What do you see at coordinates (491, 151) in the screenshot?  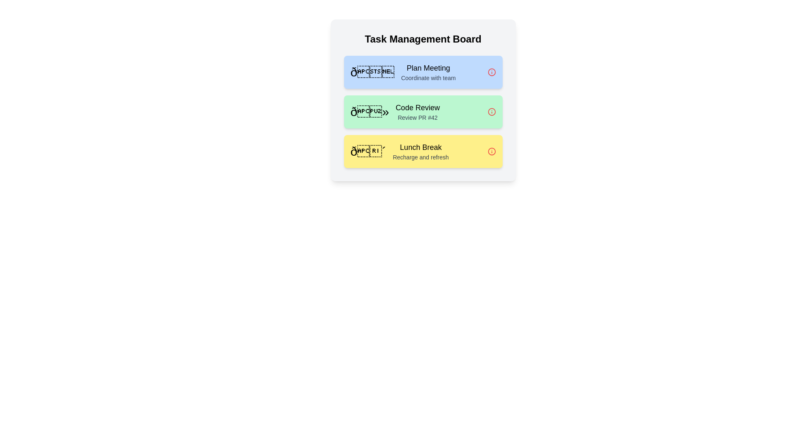 I see `remove button on the task titled 'Lunch Break'` at bounding box center [491, 151].